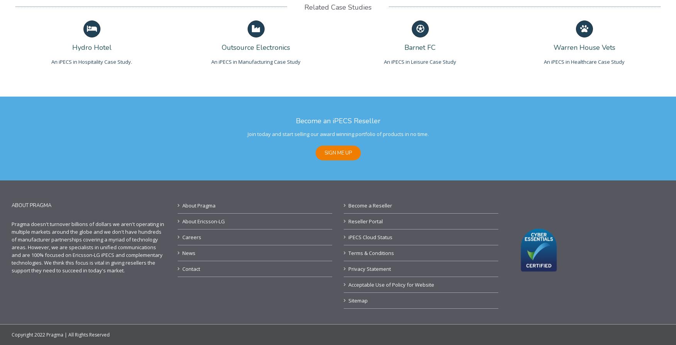 This screenshot has width=676, height=345. I want to click on 'Careers', so click(192, 237).